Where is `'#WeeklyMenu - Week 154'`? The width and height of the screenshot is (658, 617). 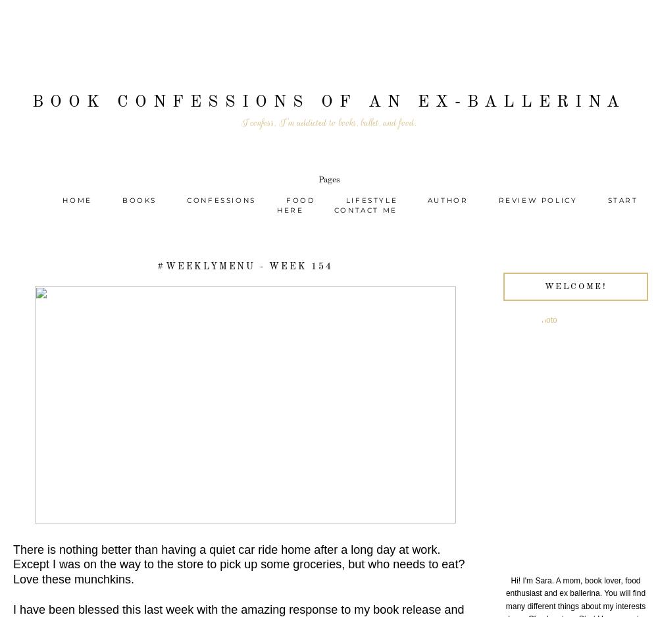 '#WeeklyMenu - Week 154' is located at coordinates (244, 266).